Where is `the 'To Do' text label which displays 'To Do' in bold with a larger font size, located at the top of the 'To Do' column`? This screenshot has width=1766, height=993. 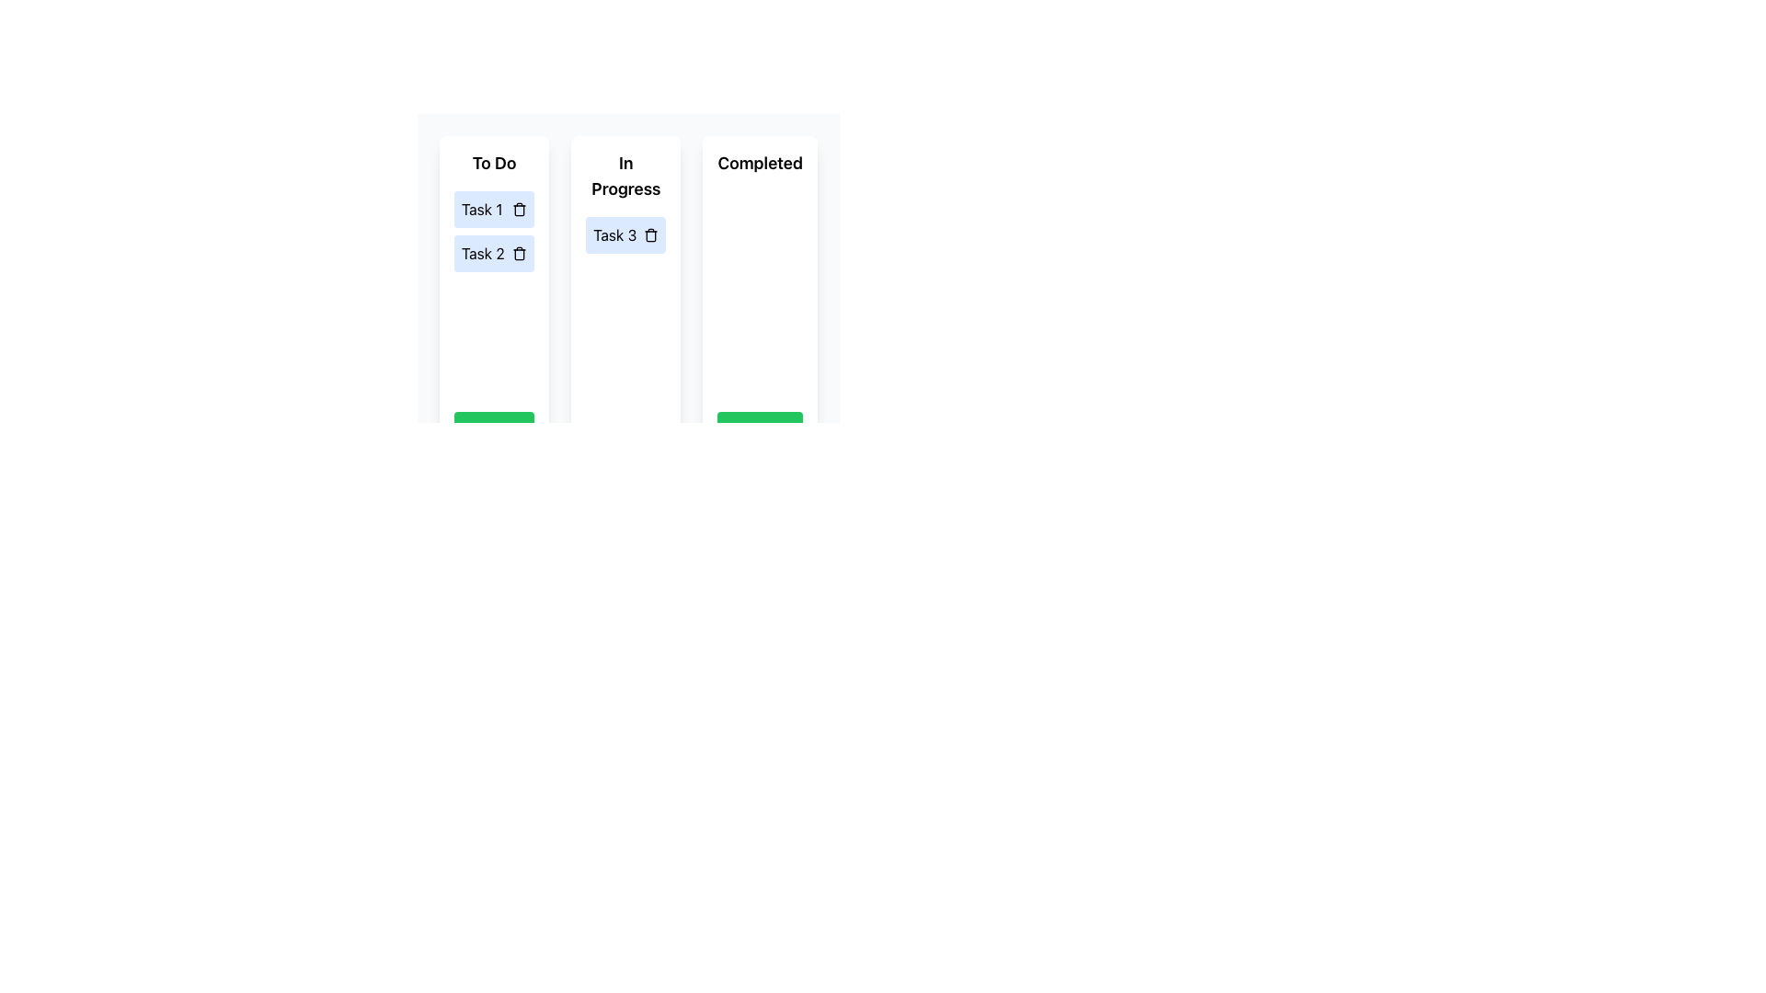 the 'To Do' text label which displays 'To Do' in bold with a larger font size, located at the top of the 'To Do' column is located at coordinates (494, 162).